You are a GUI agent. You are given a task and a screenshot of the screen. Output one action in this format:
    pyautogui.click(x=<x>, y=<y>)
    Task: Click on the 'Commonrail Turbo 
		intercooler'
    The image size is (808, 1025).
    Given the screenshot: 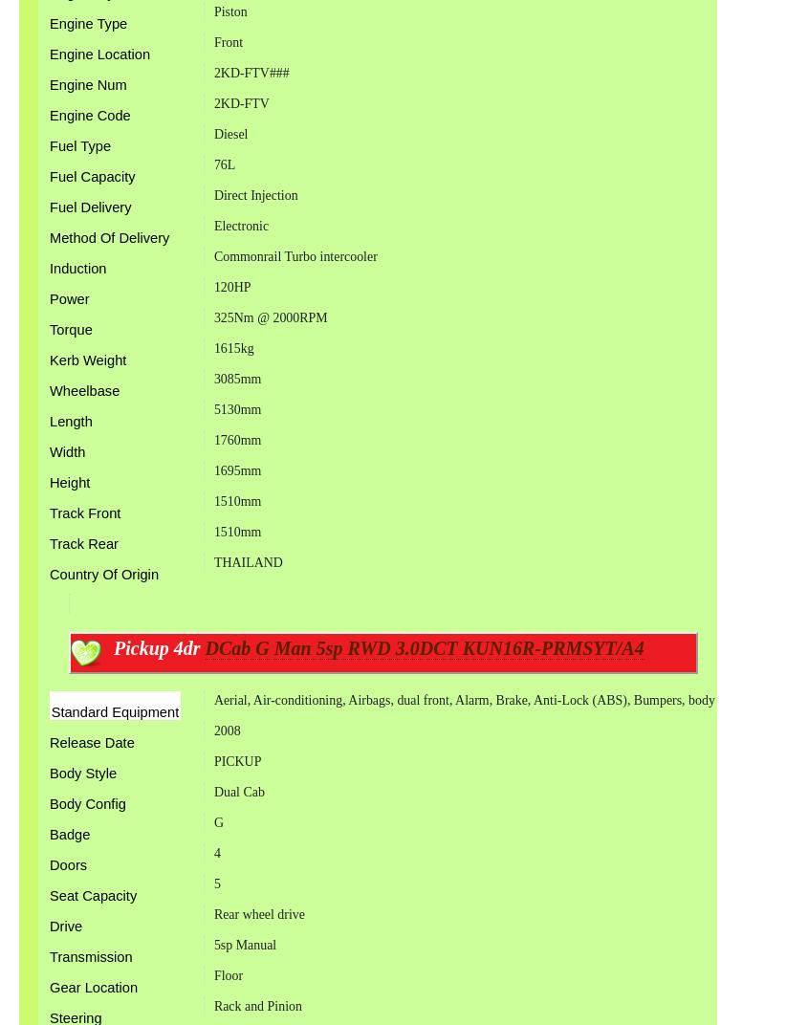 What is the action you would take?
    pyautogui.click(x=295, y=255)
    